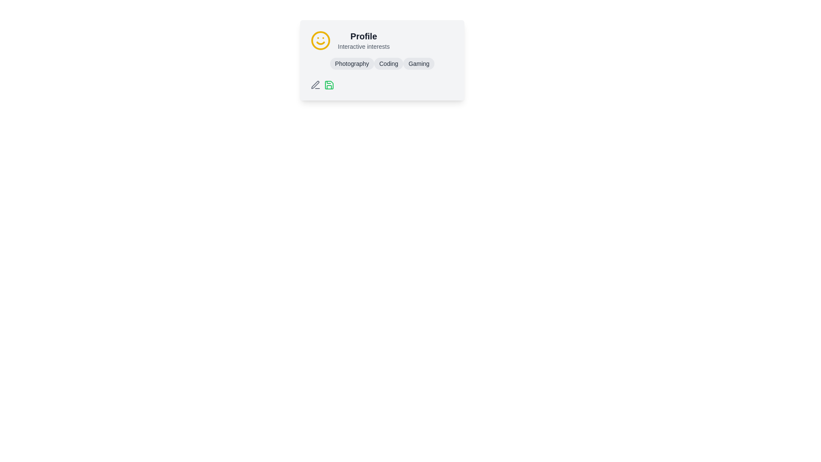  Describe the element at coordinates (352, 63) in the screenshot. I see `the first tag in the horizontal list of interests, labeled 'Photography', located below the 'Interactive interests' section of the profile card` at that location.